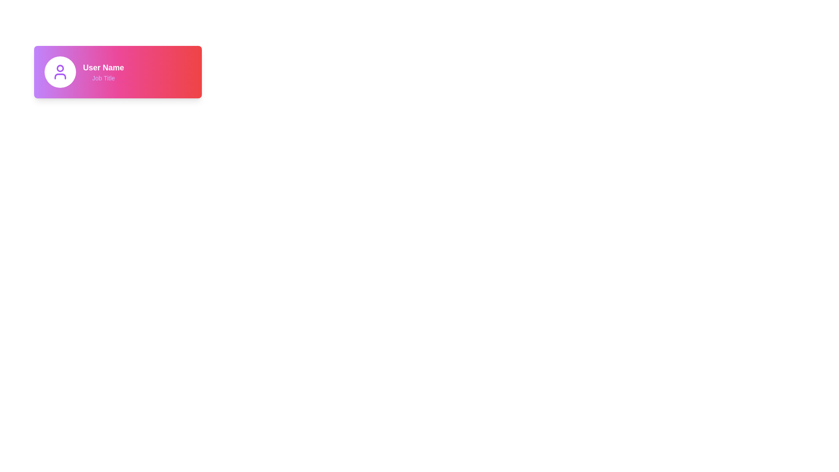 The image size is (839, 472). Describe the element at coordinates (60, 67) in the screenshot. I see `the profile image icon located within the circle on the left section of the user profile card` at that location.